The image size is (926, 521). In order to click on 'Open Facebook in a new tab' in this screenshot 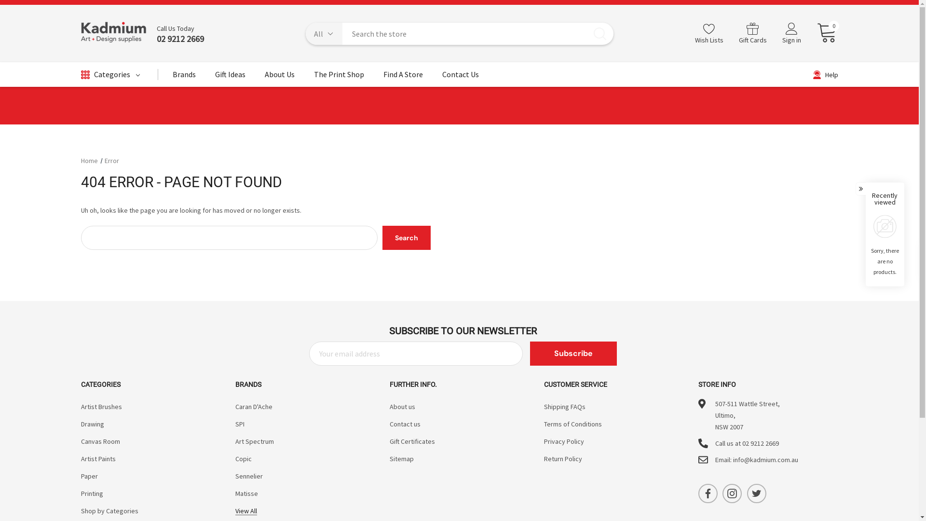, I will do `click(708, 493)`.